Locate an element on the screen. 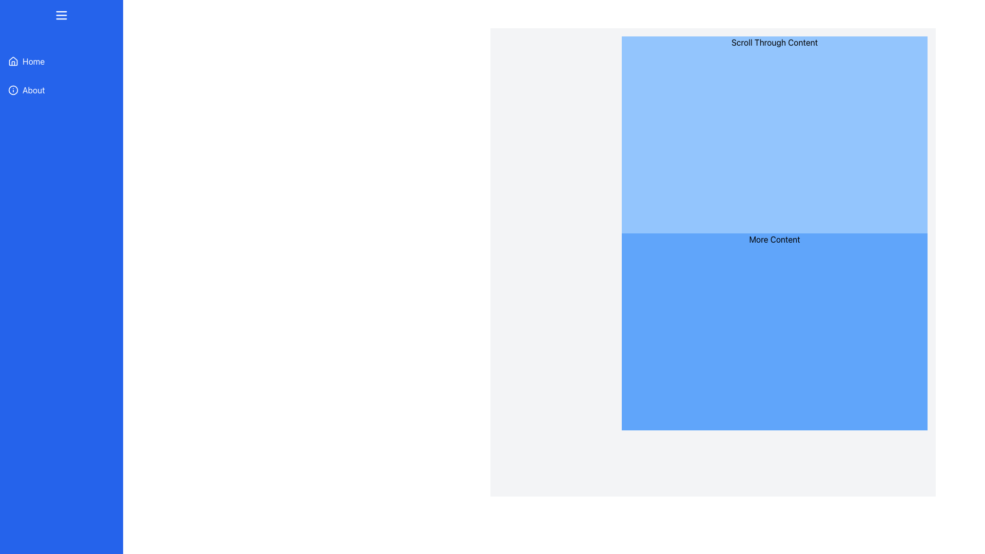  the circular blue outlined SVG icon representing the information symbol located next to the 'About' text in the left sidebar menu is located at coordinates (13, 90).